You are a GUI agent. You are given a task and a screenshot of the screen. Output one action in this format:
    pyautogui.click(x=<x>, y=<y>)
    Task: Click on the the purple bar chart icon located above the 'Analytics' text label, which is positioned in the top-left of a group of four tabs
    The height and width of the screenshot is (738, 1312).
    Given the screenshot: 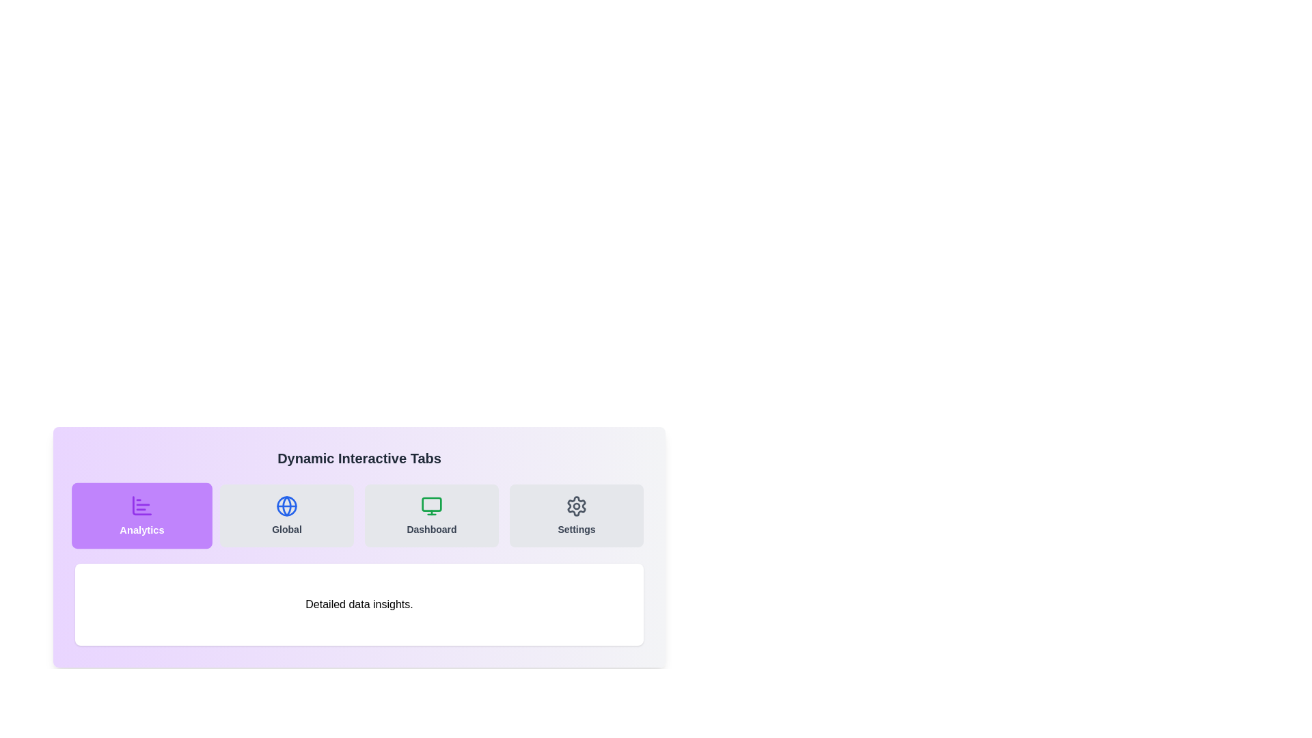 What is the action you would take?
    pyautogui.click(x=141, y=506)
    